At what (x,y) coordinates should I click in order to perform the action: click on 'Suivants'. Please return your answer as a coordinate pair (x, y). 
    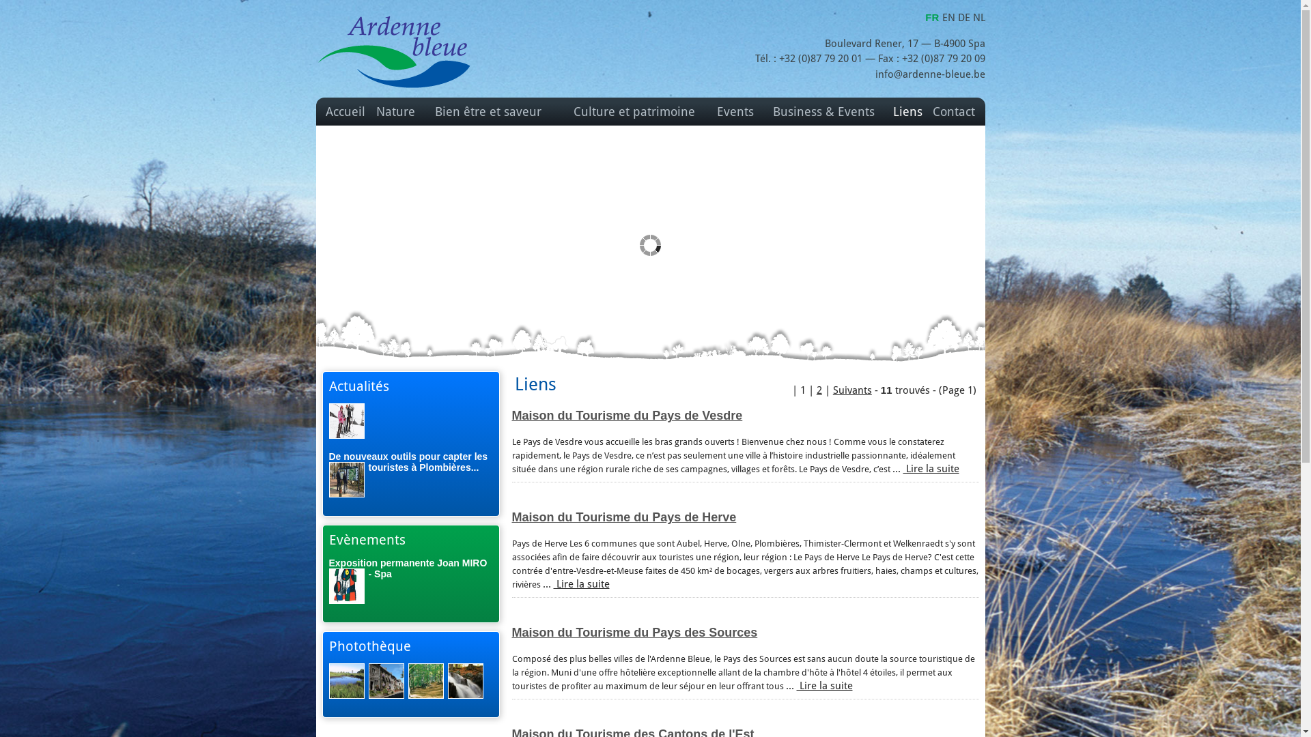
    Looking at the image, I should click on (851, 390).